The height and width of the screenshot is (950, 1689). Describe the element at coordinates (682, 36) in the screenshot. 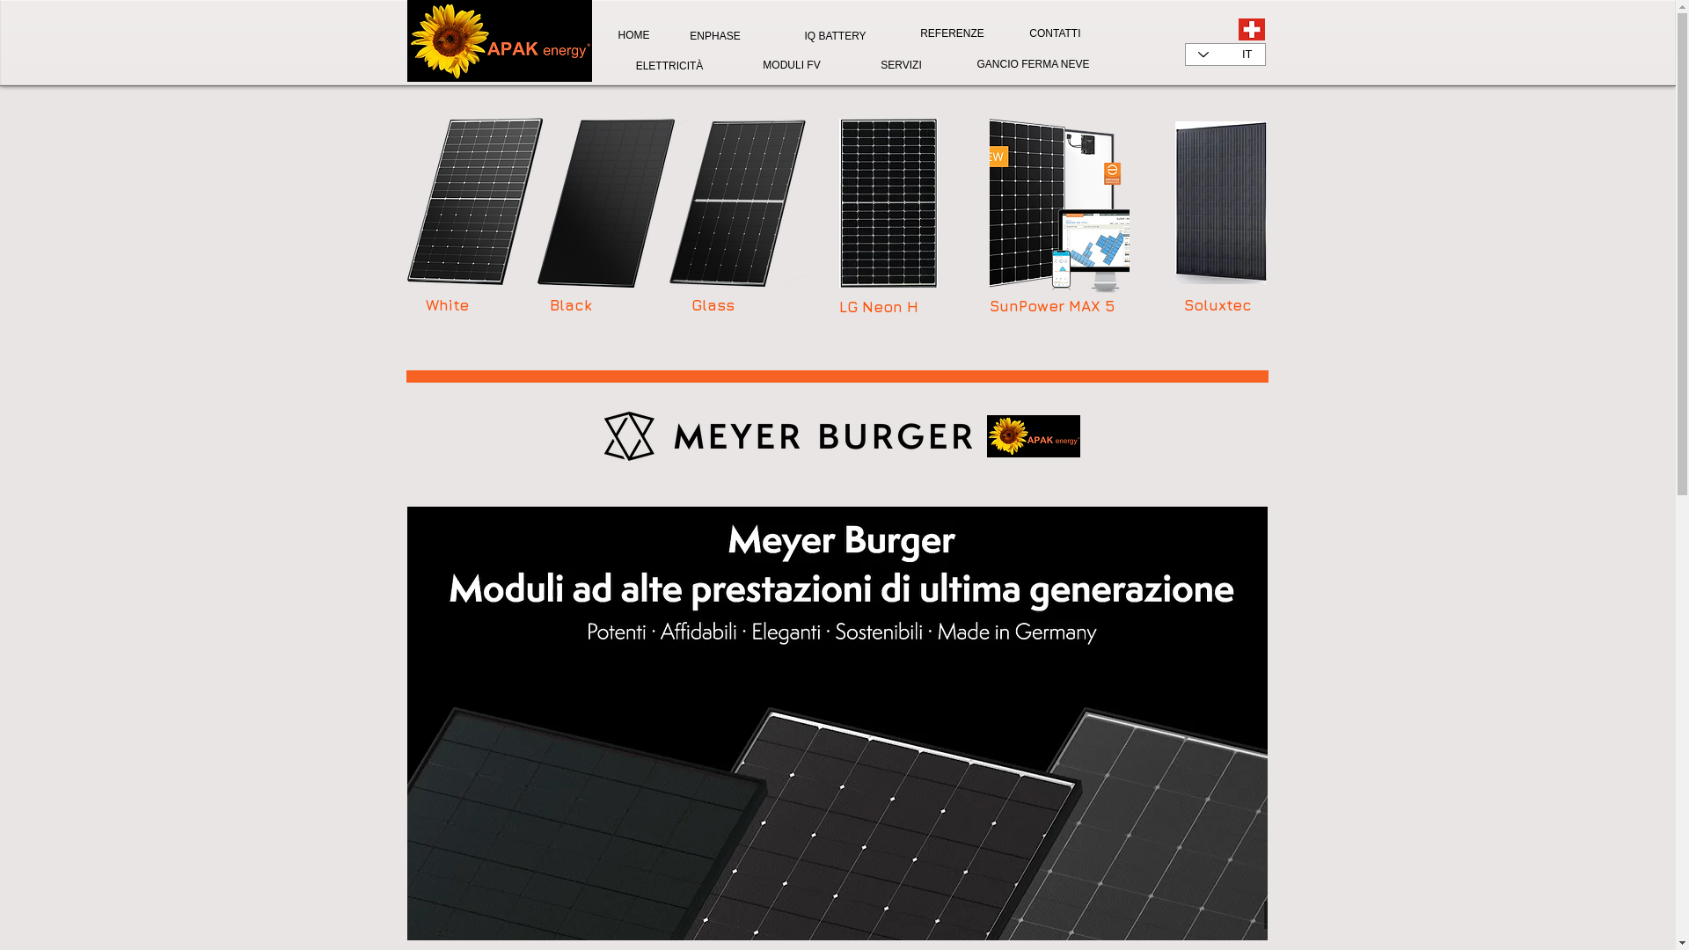

I see `'ENPHASE'` at that location.